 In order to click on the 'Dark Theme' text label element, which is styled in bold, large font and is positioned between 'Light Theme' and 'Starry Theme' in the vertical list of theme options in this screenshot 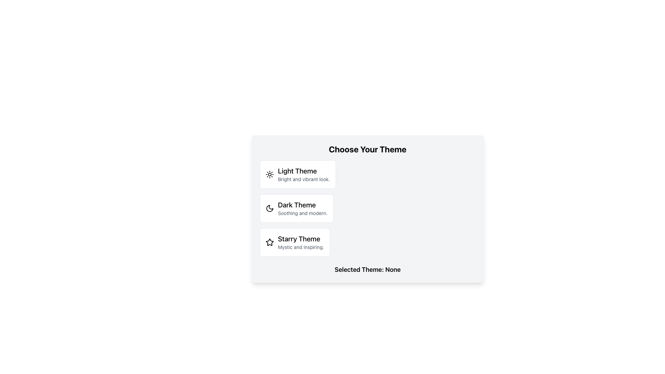, I will do `click(303, 204)`.